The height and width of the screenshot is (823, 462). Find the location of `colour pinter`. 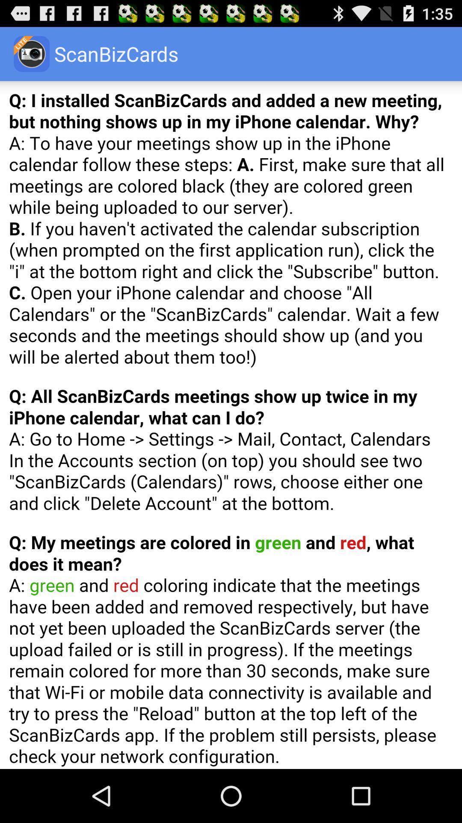

colour pinter is located at coordinates (231, 425).